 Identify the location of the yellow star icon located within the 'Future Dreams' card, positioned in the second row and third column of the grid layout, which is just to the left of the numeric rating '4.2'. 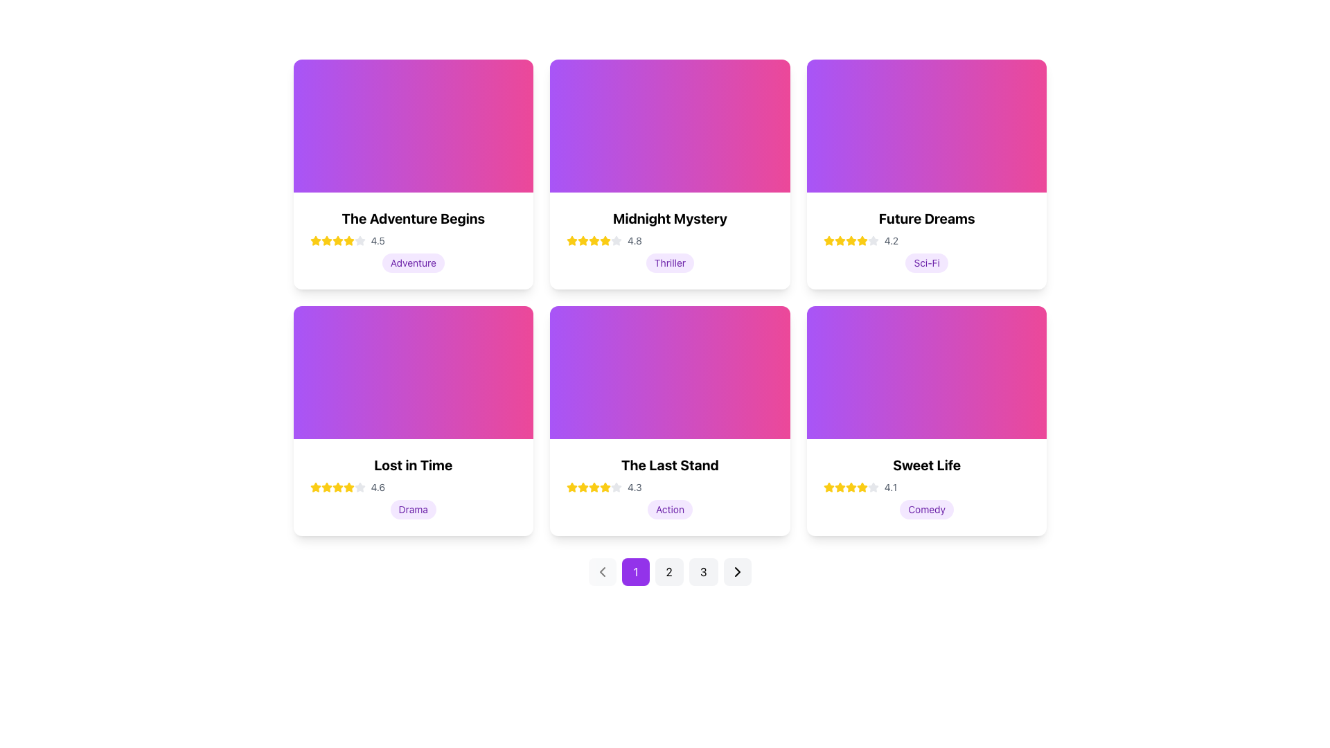
(828, 240).